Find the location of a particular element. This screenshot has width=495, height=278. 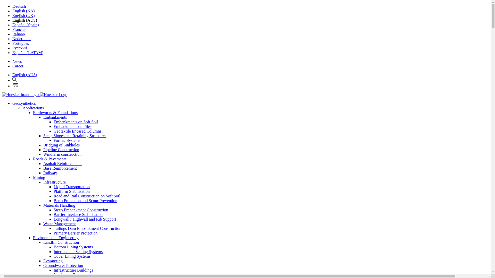

'Environmental Engineering' is located at coordinates (56, 238).